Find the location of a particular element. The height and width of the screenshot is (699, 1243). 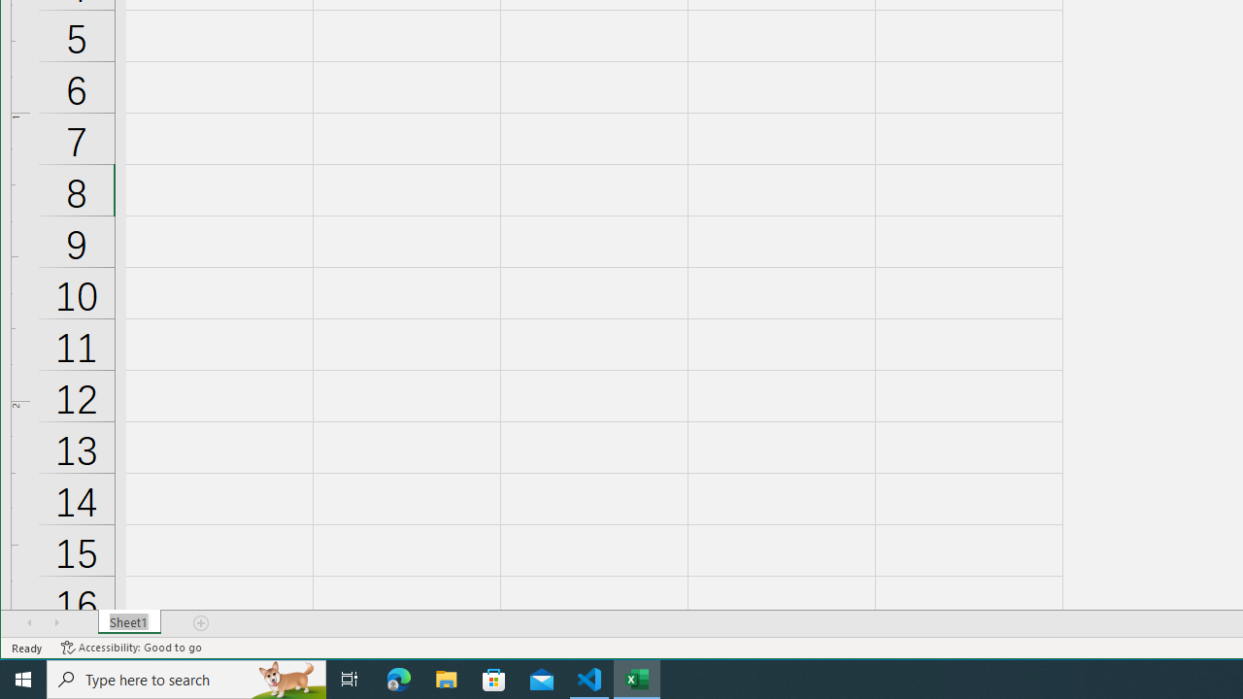

'Start' is located at coordinates (23, 678).